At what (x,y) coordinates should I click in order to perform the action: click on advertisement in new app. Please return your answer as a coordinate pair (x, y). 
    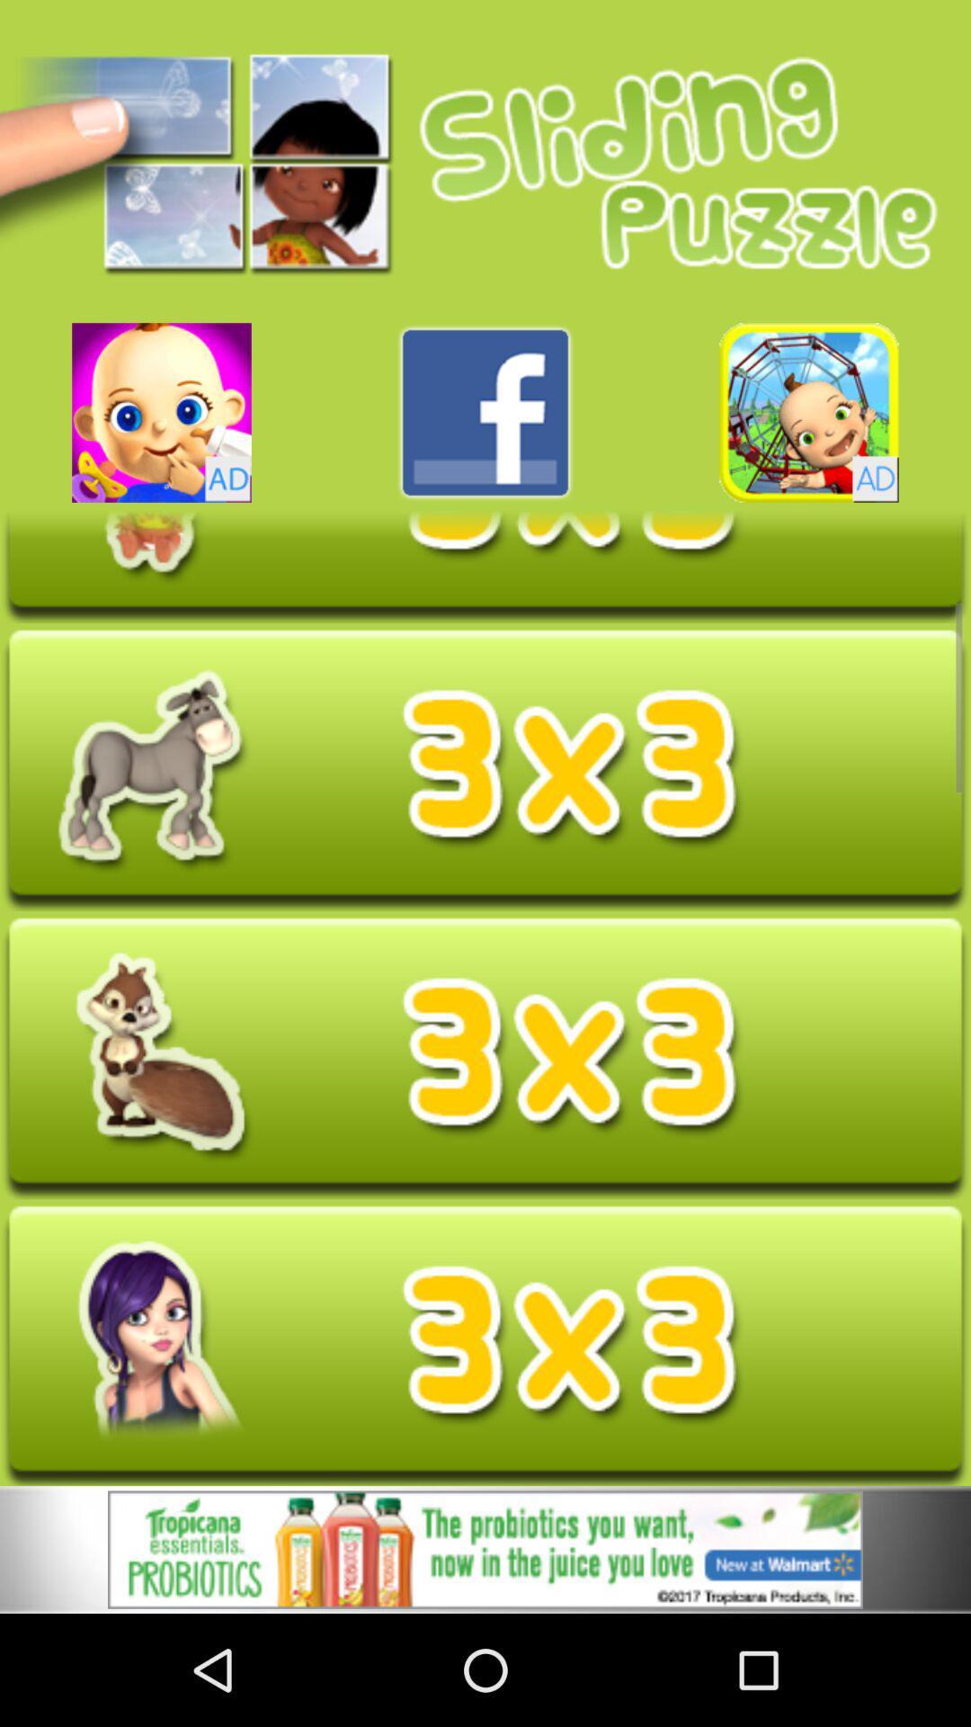
    Looking at the image, I should click on (162, 412).